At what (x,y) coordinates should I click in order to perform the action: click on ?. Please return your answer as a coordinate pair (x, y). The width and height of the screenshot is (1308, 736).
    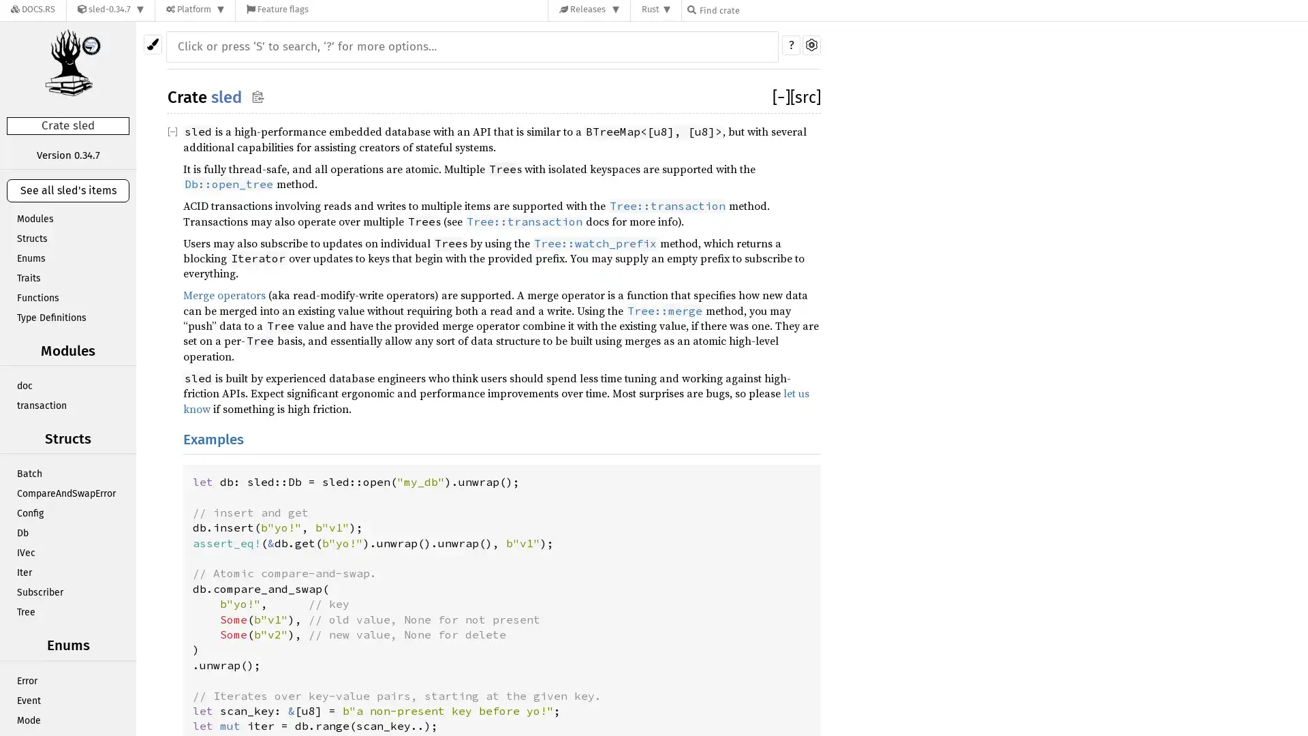
    Looking at the image, I should click on (791, 44).